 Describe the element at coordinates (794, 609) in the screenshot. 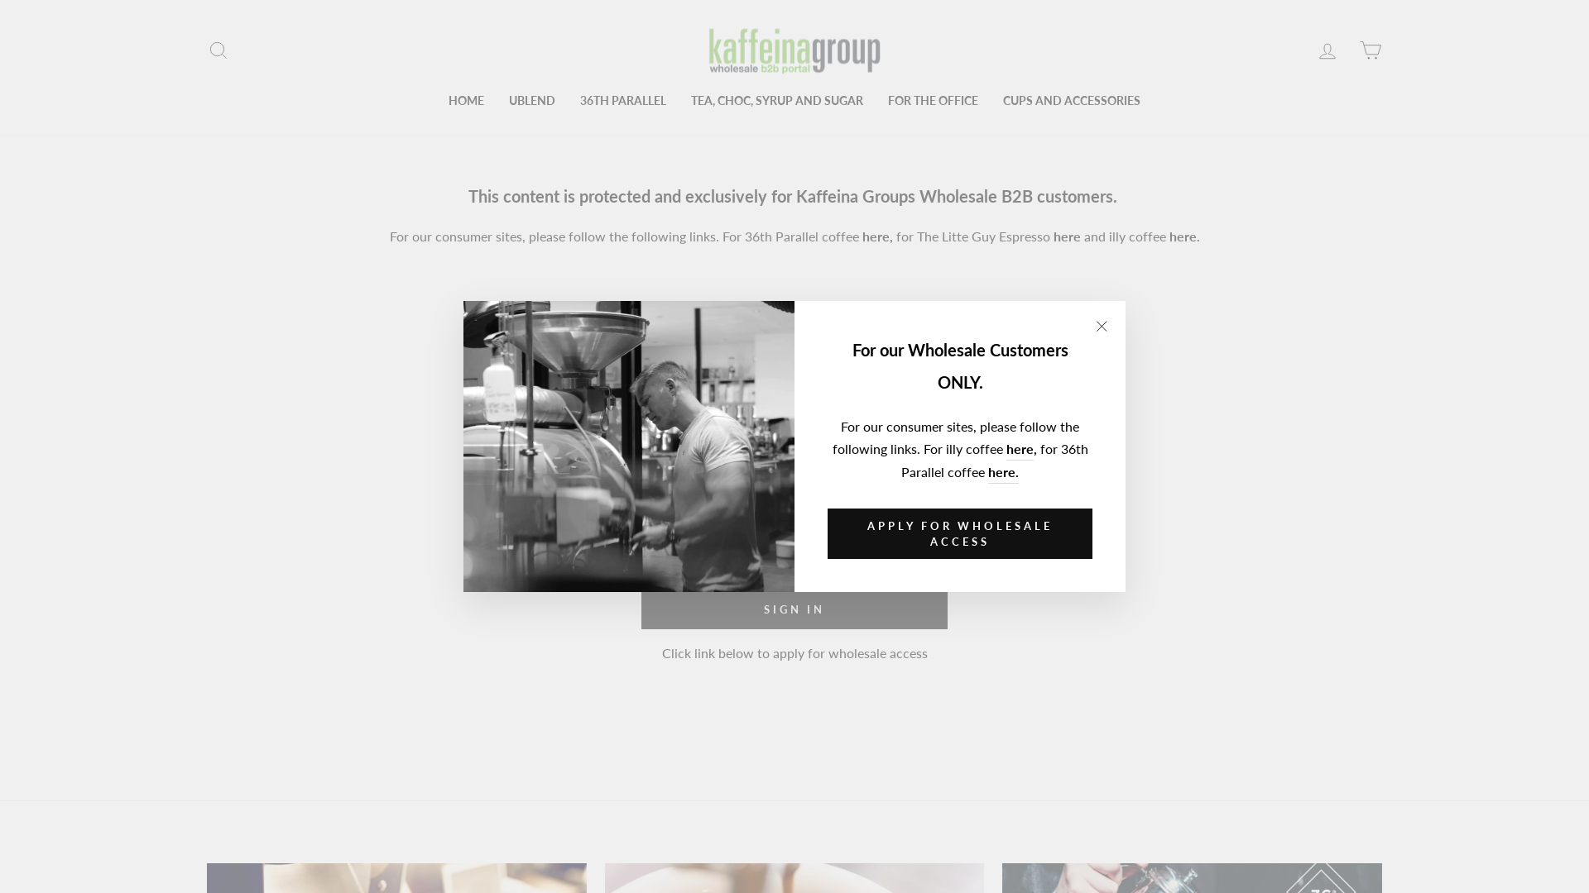

I see `'SIGN IN'` at that location.